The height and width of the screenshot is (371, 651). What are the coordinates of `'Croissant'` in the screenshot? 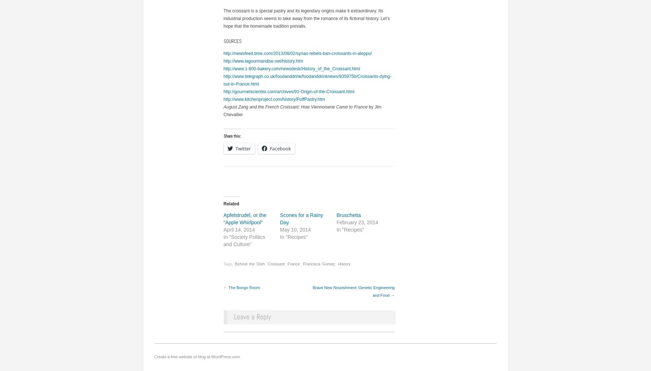 It's located at (276, 263).